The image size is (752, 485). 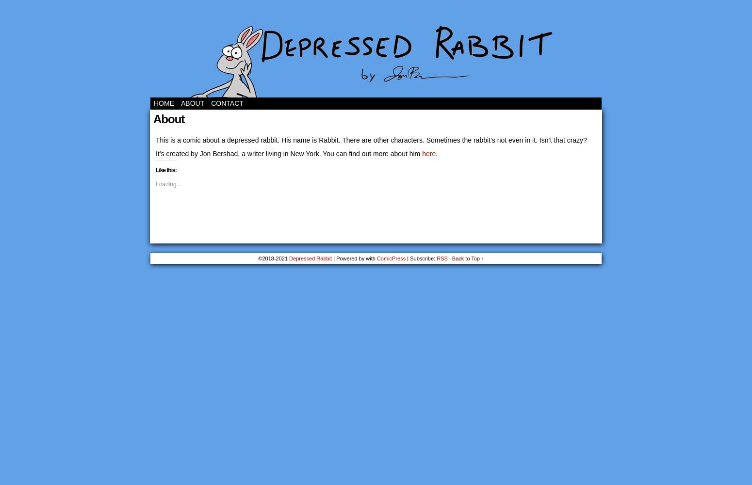 What do you see at coordinates (391, 259) in the screenshot?
I see `'ComicPress'` at bounding box center [391, 259].